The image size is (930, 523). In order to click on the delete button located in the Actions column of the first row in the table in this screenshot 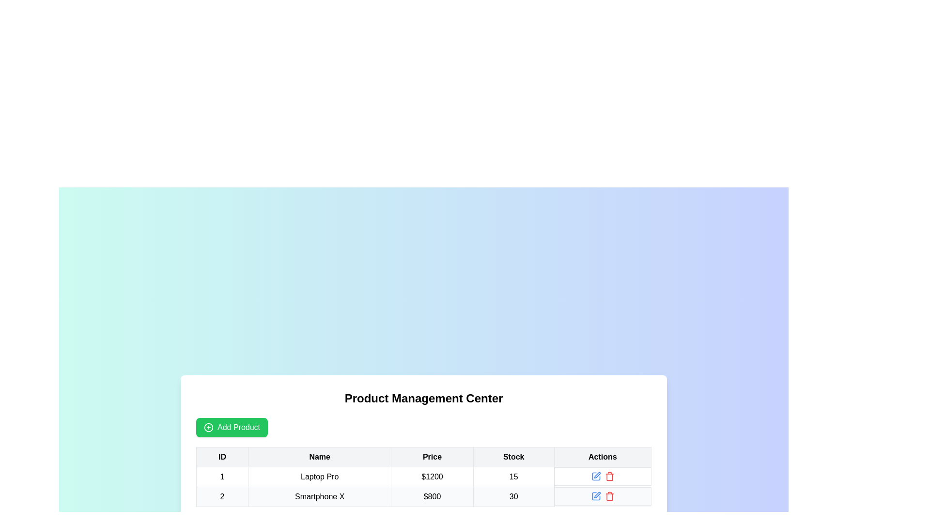, I will do `click(608, 476)`.